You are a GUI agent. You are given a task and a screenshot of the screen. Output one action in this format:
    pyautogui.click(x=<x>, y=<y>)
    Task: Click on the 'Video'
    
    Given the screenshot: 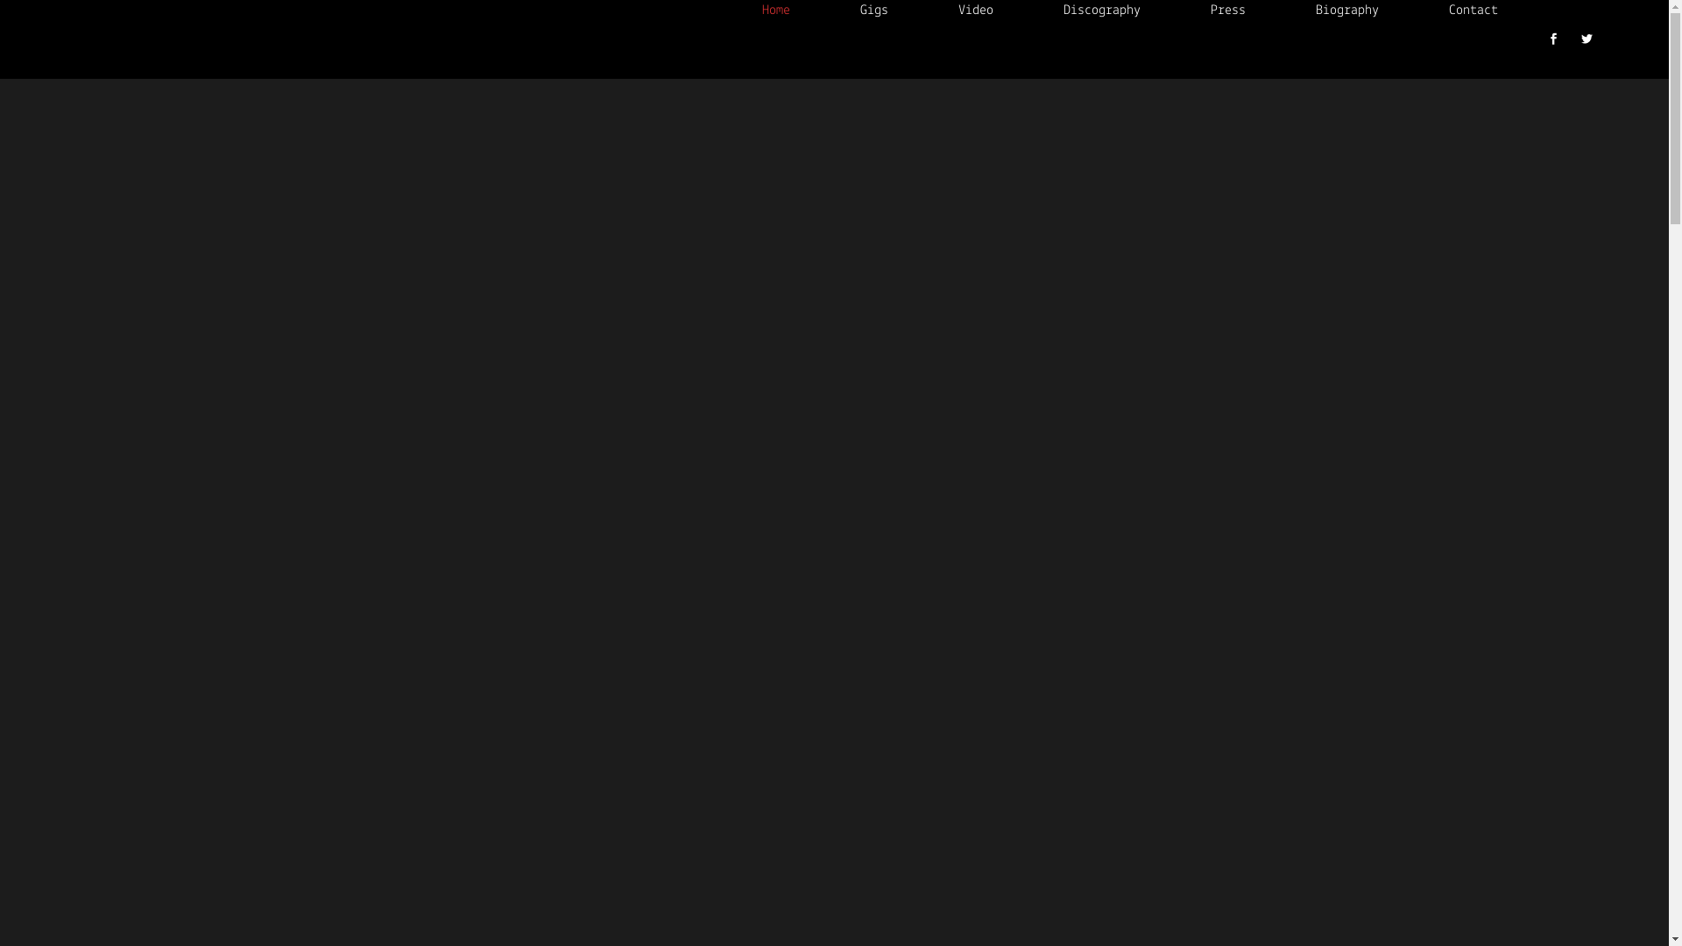 What is the action you would take?
    pyautogui.click(x=974, y=10)
    